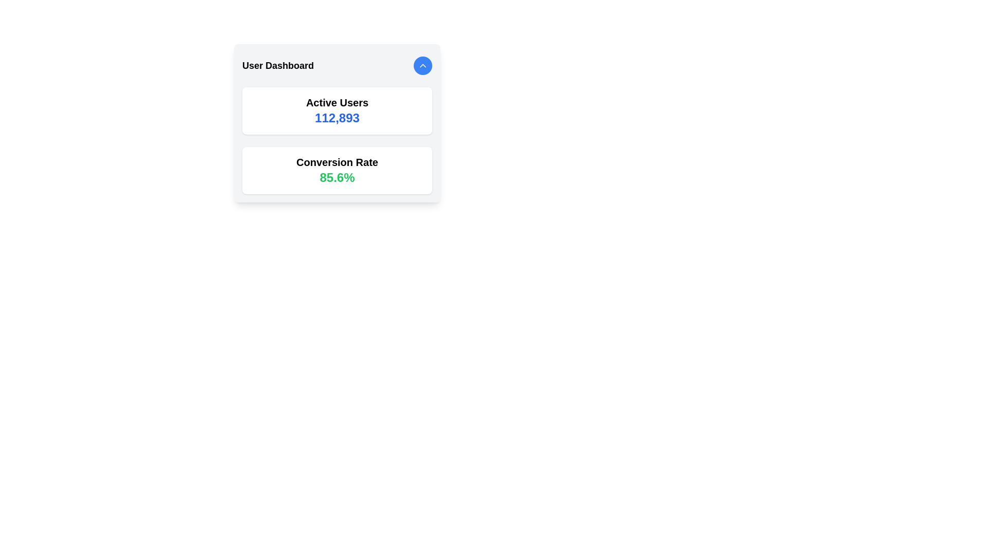 The width and height of the screenshot is (988, 555). I want to click on the summary card displaying metrics for active users and conversion rate located in the User Dashboard, so click(337, 140).